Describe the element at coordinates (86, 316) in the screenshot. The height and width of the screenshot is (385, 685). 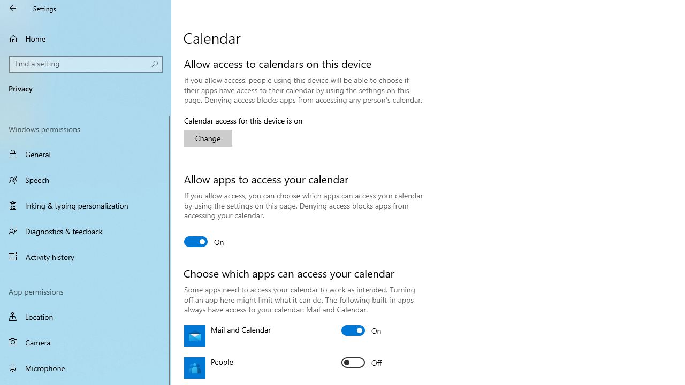
I see `'Location'` at that location.